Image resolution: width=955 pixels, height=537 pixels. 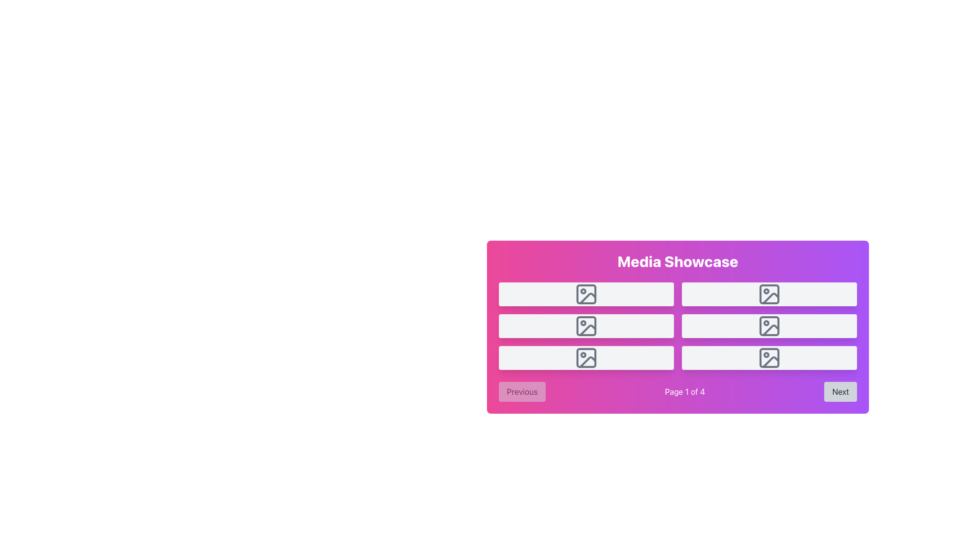 What do you see at coordinates (586, 326) in the screenshot?
I see `the third image placeholder in the media showcase grid, located in the first column and second row of the grid` at bounding box center [586, 326].